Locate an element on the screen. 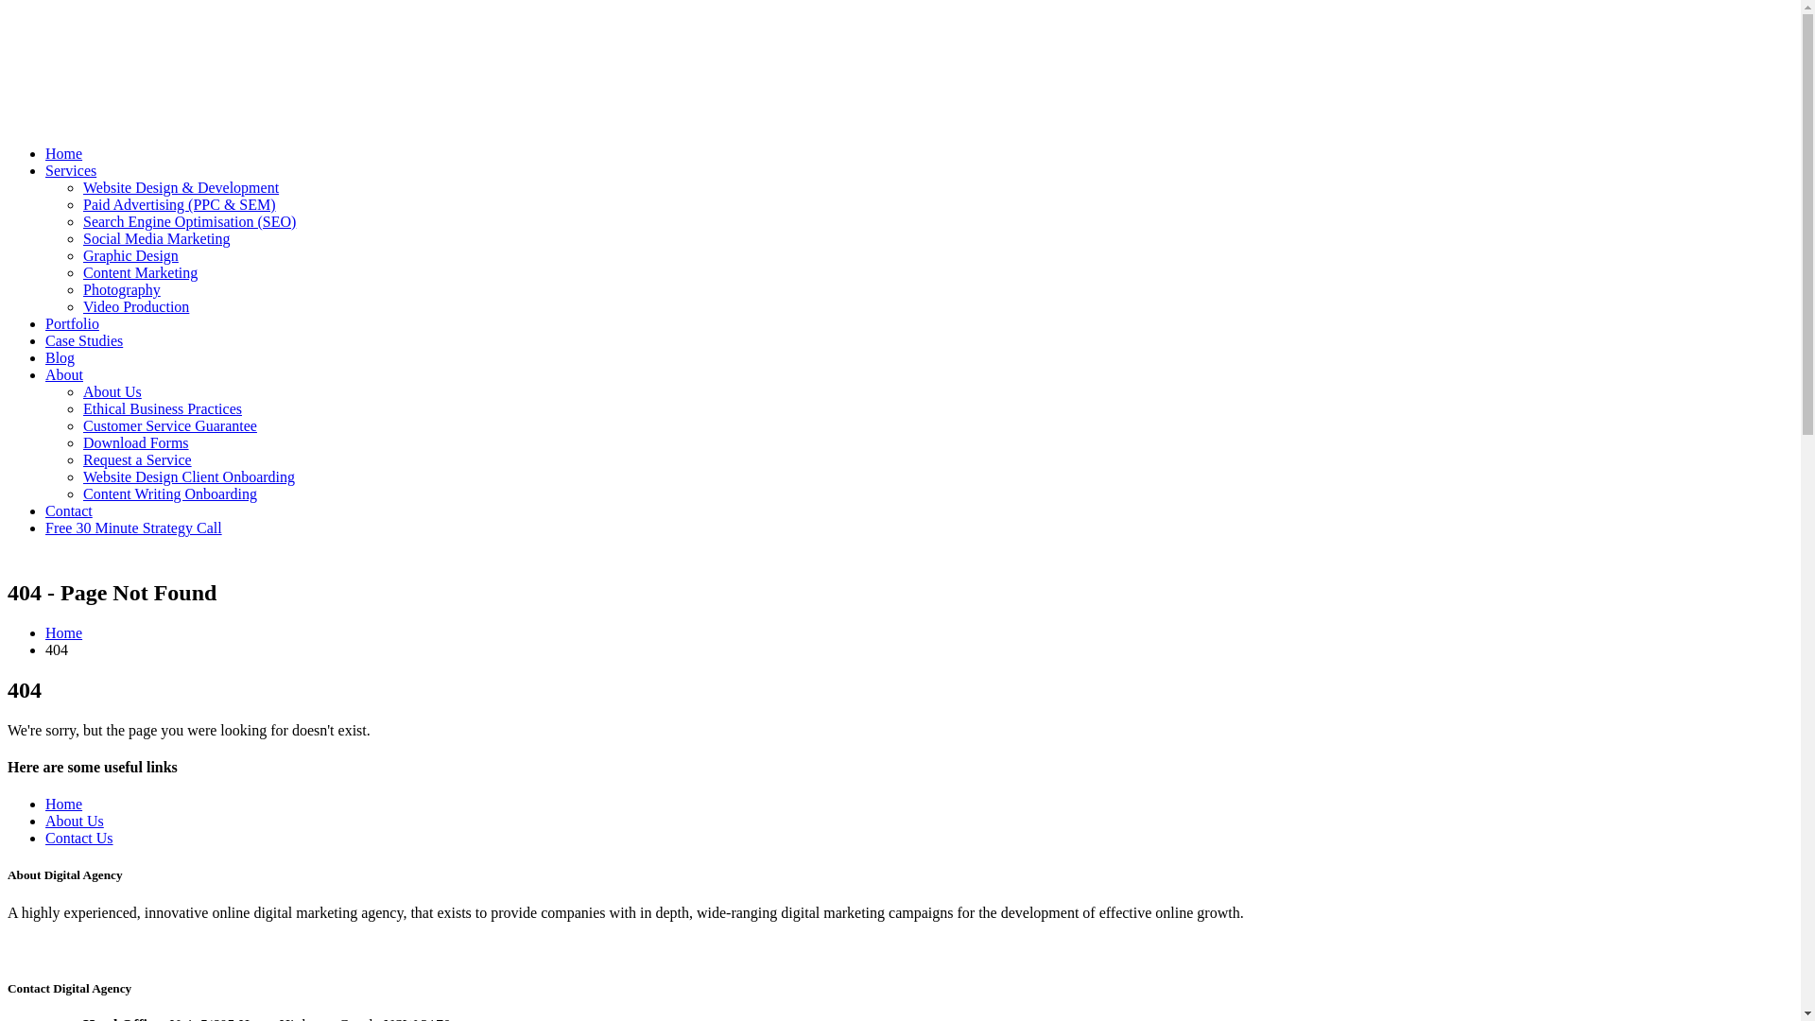 The image size is (1815, 1021). 'Contact' is located at coordinates (68, 510).